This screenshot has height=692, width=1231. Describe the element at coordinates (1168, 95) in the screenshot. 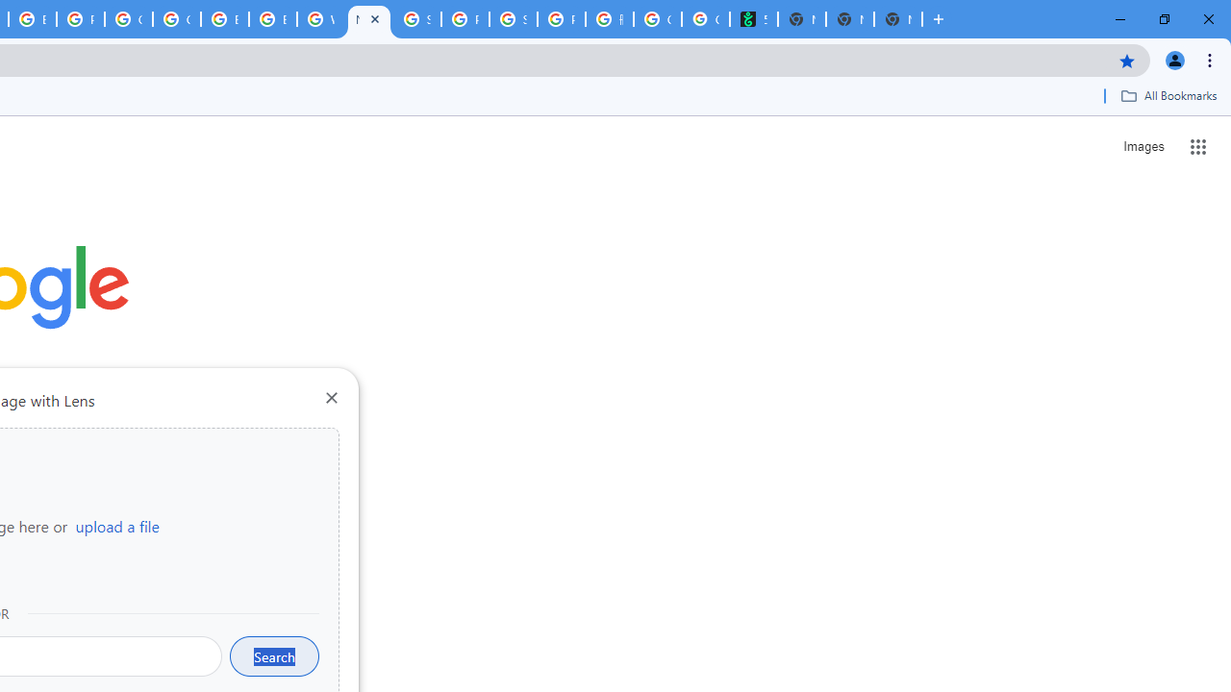

I see `'All Bookmarks'` at that location.